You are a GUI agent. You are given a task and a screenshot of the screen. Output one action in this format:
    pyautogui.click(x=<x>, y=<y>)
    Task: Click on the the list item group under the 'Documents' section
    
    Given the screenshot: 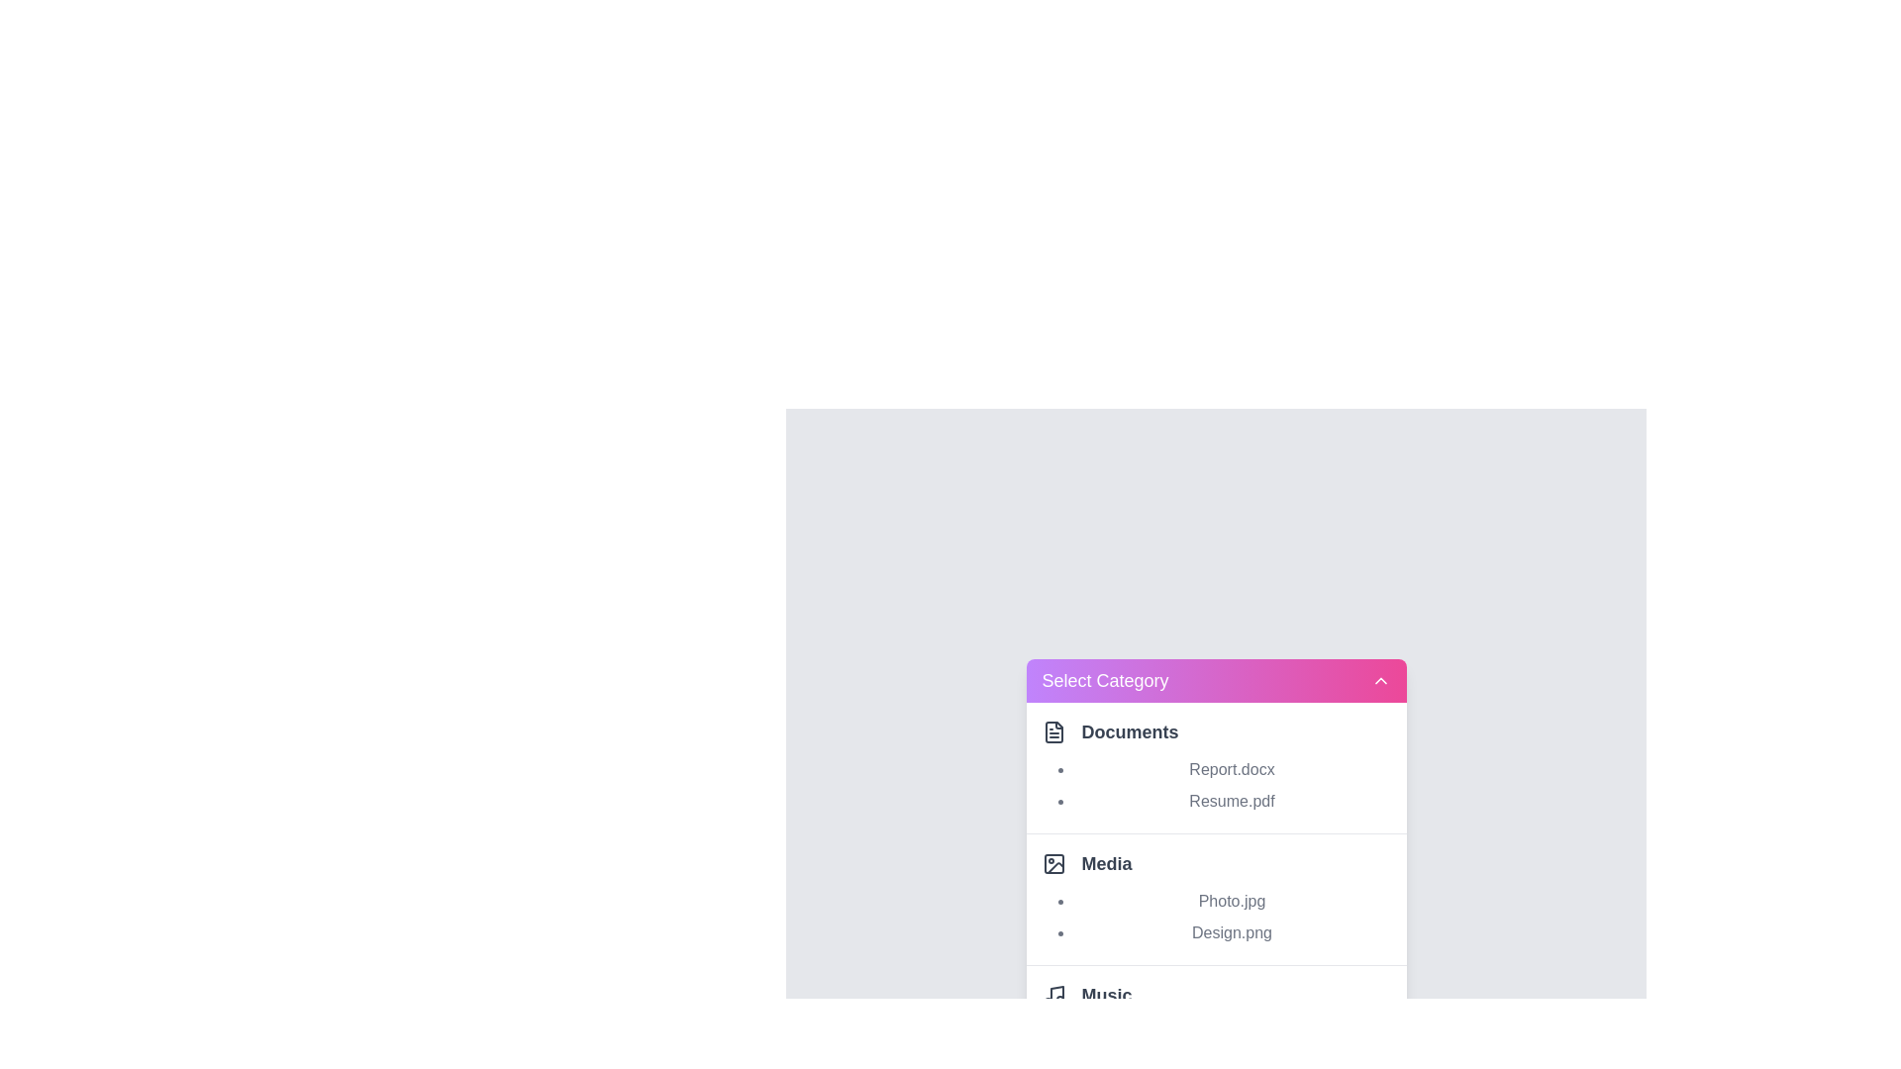 What is the action you would take?
    pyautogui.click(x=1231, y=784)
    